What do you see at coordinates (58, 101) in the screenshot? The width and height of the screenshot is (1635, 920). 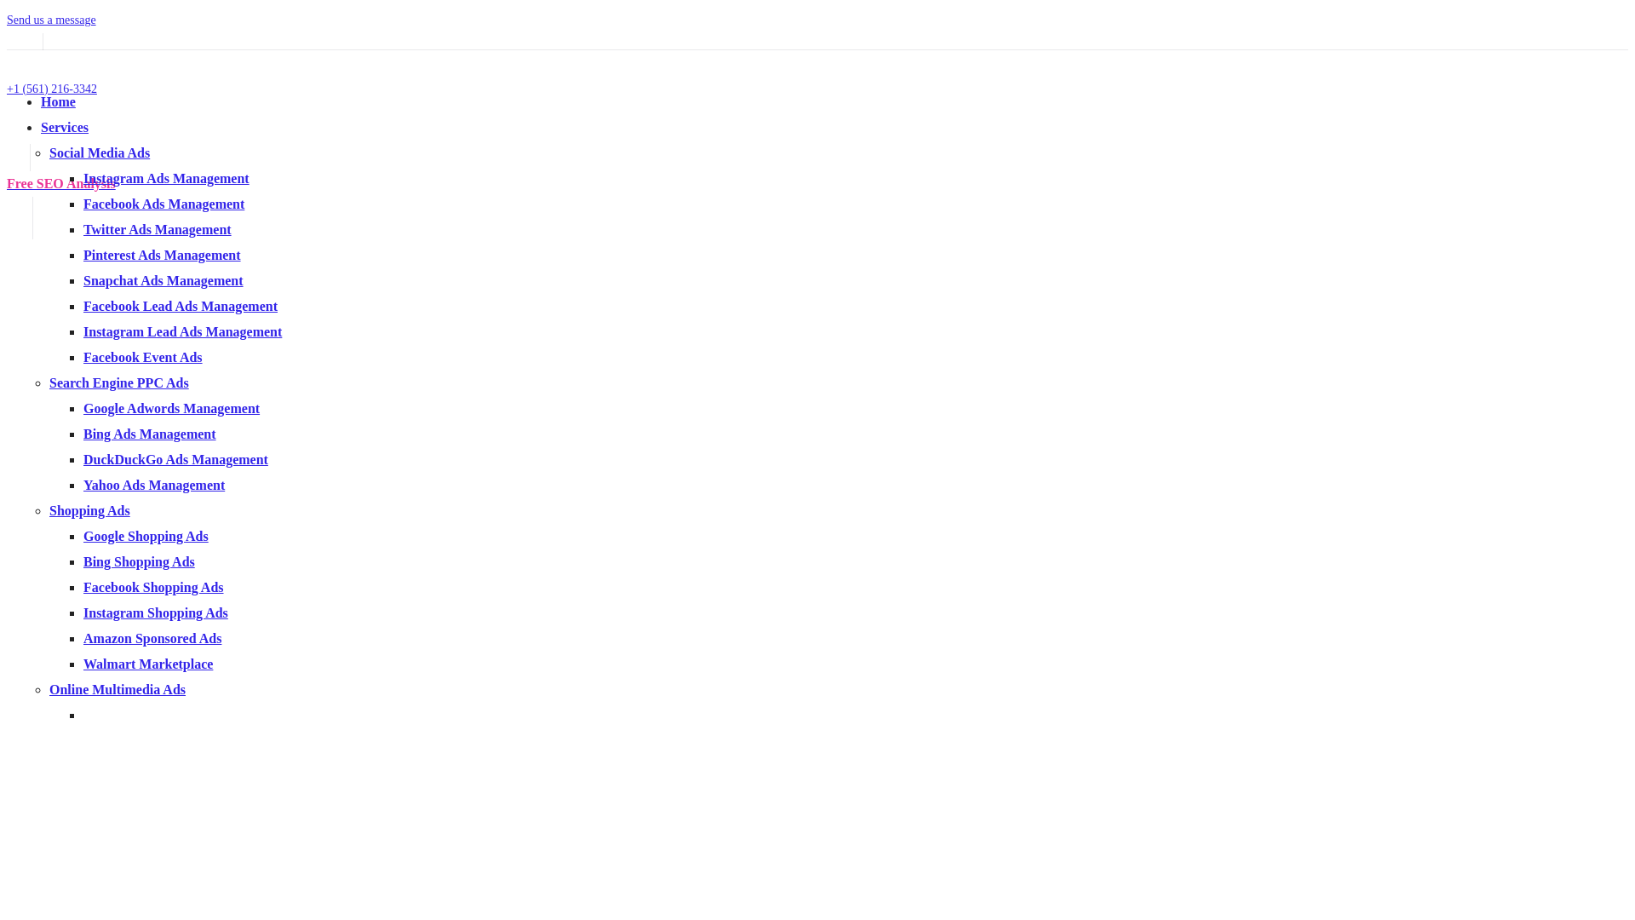 I see `'Home'` at bounding box center [58, 101].